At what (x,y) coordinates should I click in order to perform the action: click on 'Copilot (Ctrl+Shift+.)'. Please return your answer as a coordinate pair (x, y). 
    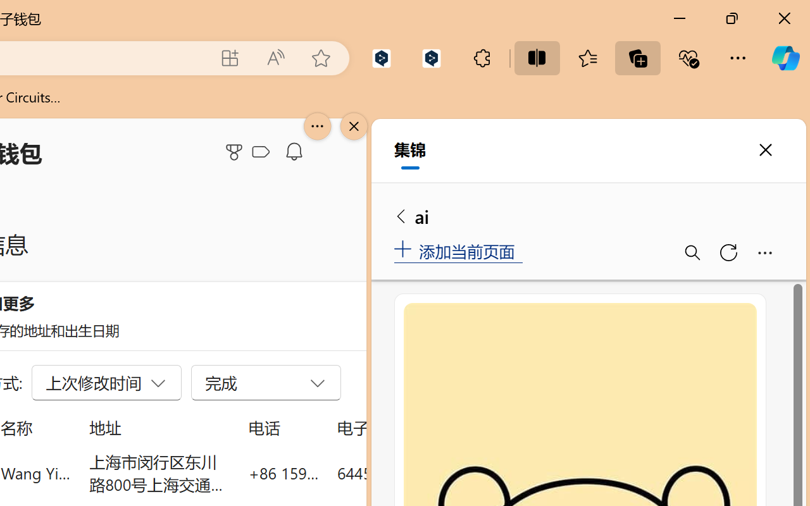
    Looking at the image, I should click on (785, 58).